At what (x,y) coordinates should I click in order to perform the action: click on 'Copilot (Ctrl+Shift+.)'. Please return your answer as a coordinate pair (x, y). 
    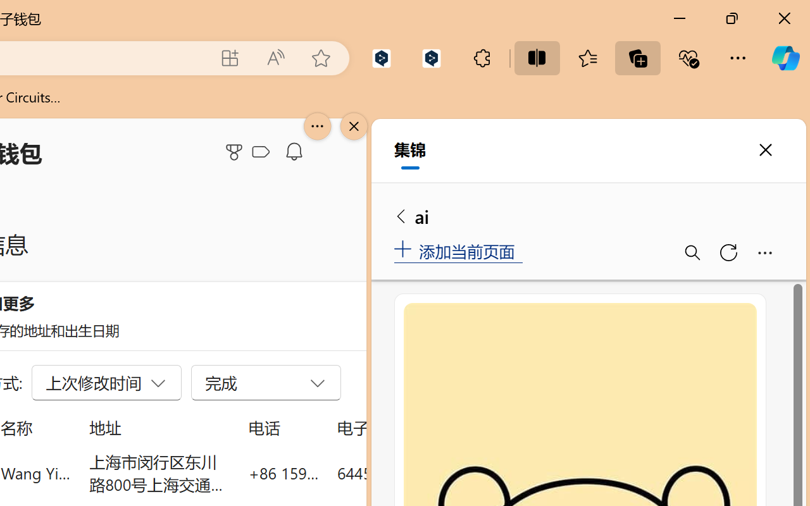
    Looking at the image, I should click on (785, 58).